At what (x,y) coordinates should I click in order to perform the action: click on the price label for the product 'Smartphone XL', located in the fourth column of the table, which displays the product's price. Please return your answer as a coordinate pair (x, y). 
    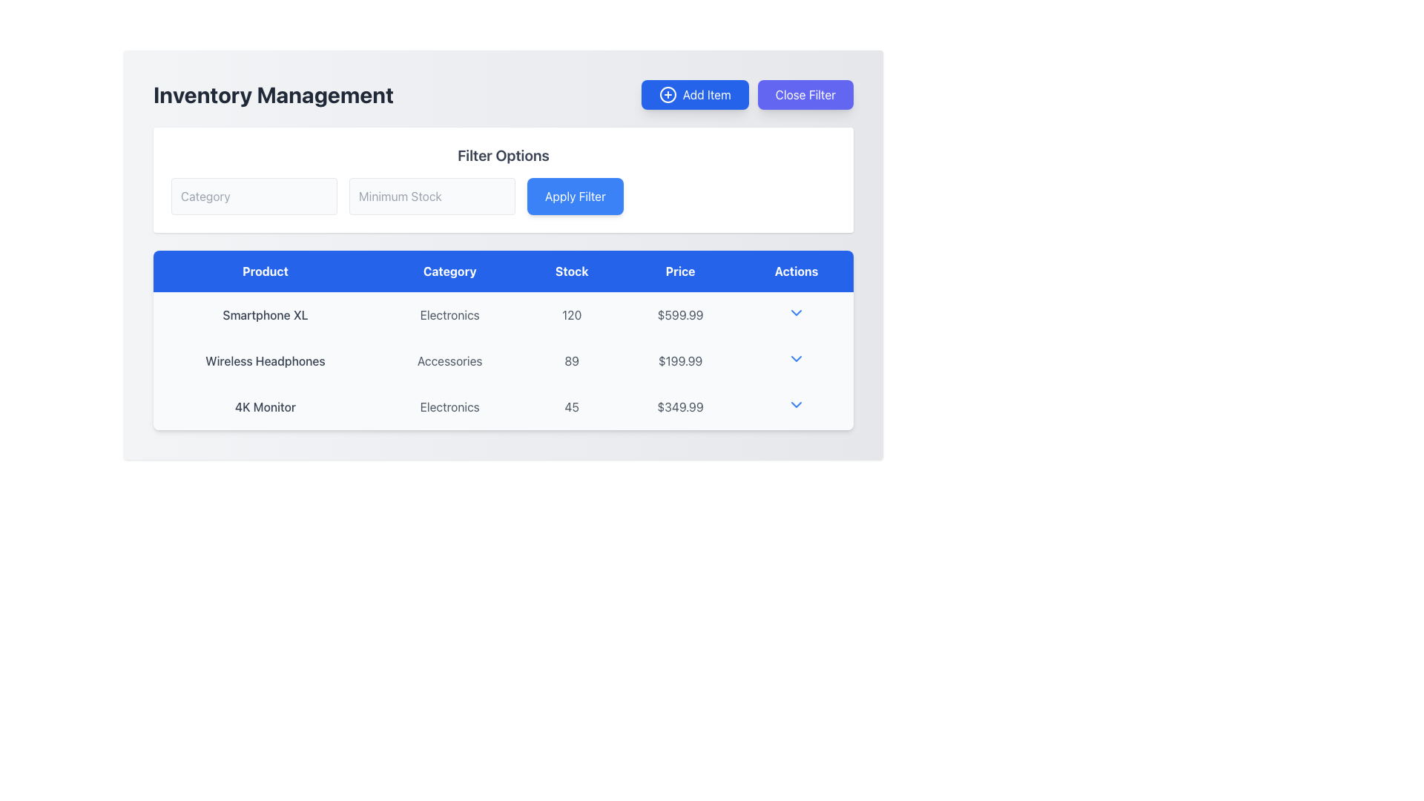
    Looking at the image, I should click on (679, 314).